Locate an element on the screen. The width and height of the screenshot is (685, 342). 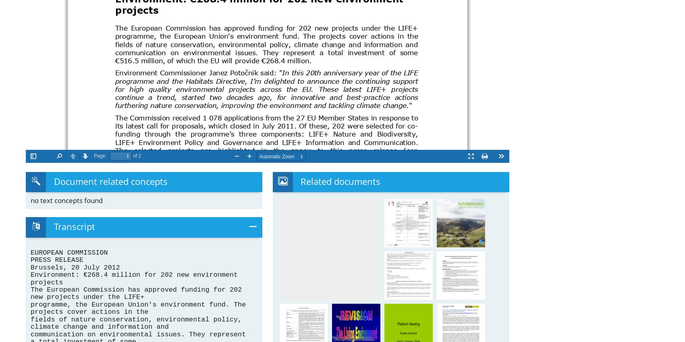
'Document related concepts' is located at coordinates (110, 181).